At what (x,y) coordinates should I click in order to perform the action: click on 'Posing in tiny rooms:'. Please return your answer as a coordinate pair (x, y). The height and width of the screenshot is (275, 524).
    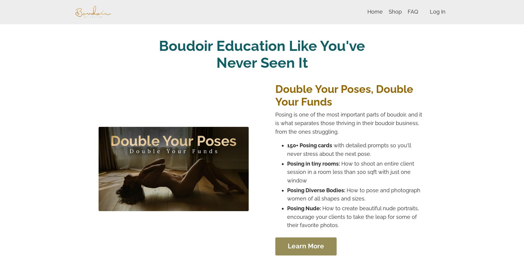
    Looking at the image, I should click on (313, 163).